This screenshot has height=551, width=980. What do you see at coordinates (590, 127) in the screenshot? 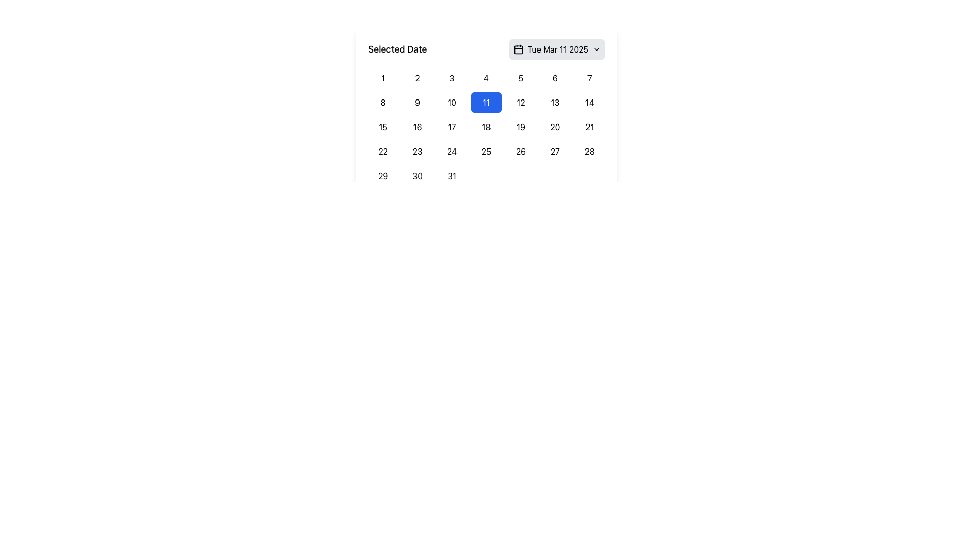
I see `the rounded button labeled '21' in the sixth row and seventh column of the grid-based calendar layout` at bounding box center [590, 127].